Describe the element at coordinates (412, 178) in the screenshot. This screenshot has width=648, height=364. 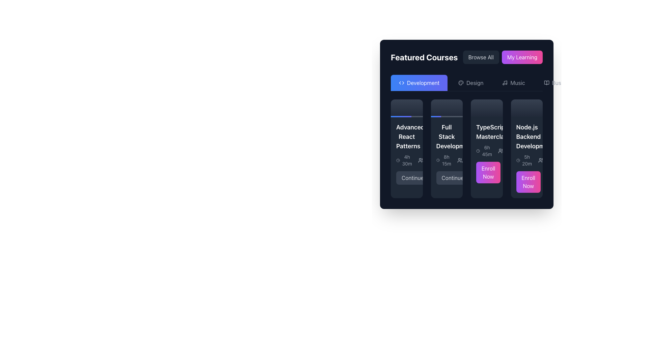
I see `the leftmost 'Continue' button with rounded edges and a dark gray background located under the 'Advanced React Patterns' course card in the 'Featured Courses' section` at that location.